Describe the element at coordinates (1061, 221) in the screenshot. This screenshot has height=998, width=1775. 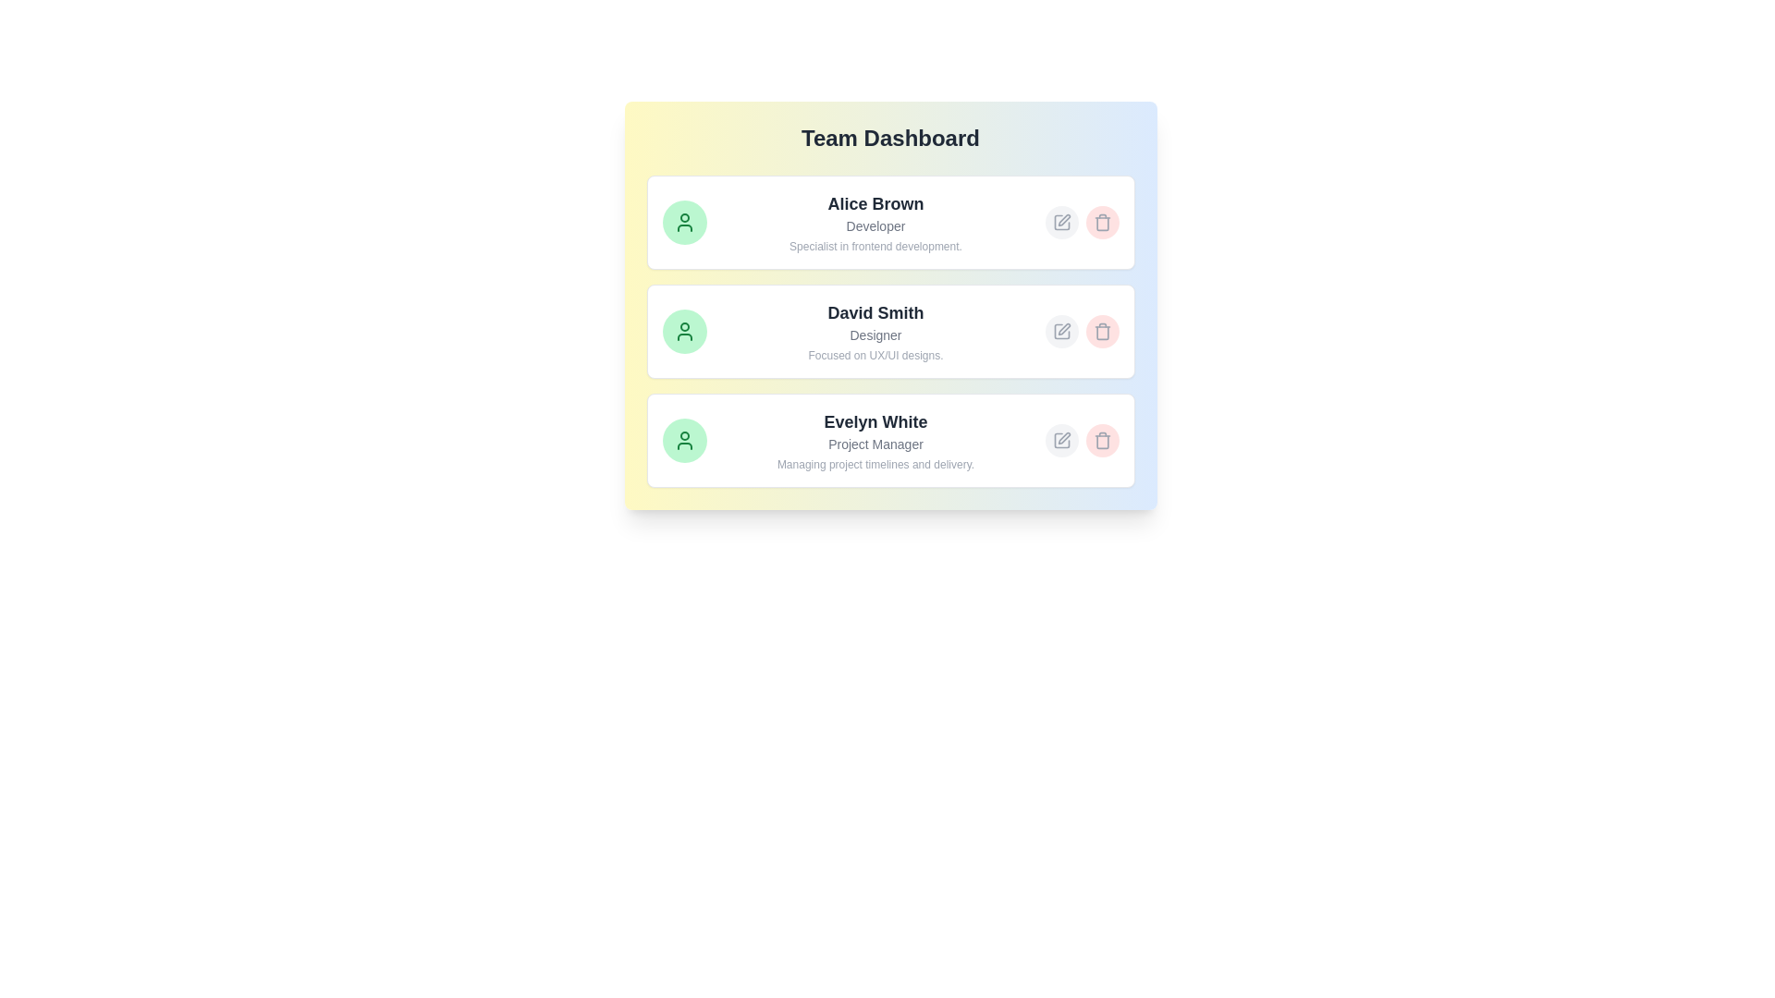
I see `the circular button with a light gray background and a pen icon in the center, located on the far right side of the first row under 'Team Dashboard'` at that location.